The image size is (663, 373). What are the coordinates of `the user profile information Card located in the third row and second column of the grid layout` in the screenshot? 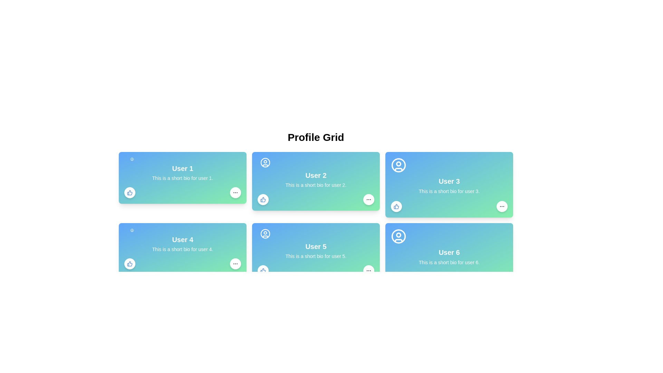 It's located at (316, 324).